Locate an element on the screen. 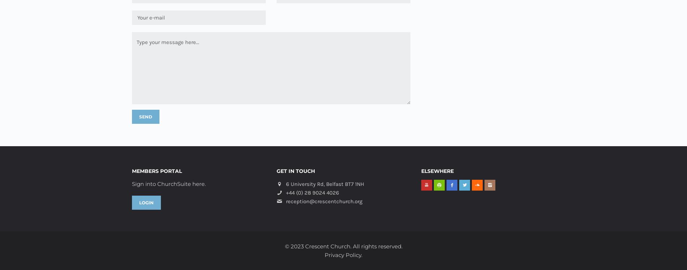  'Get In Touch' is located at coordinates (295, 171).